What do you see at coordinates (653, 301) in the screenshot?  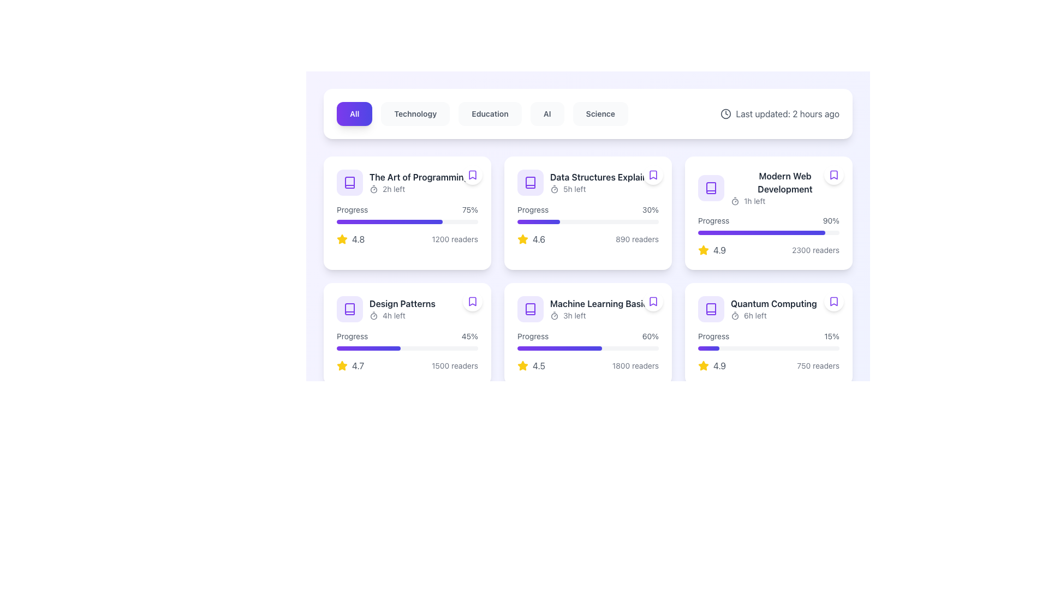 I see `the bookmark icon located at the top-right corner of the 'Machine Learning Basics' card to bookmark the item for future reference` at bounding box center [653, 301].